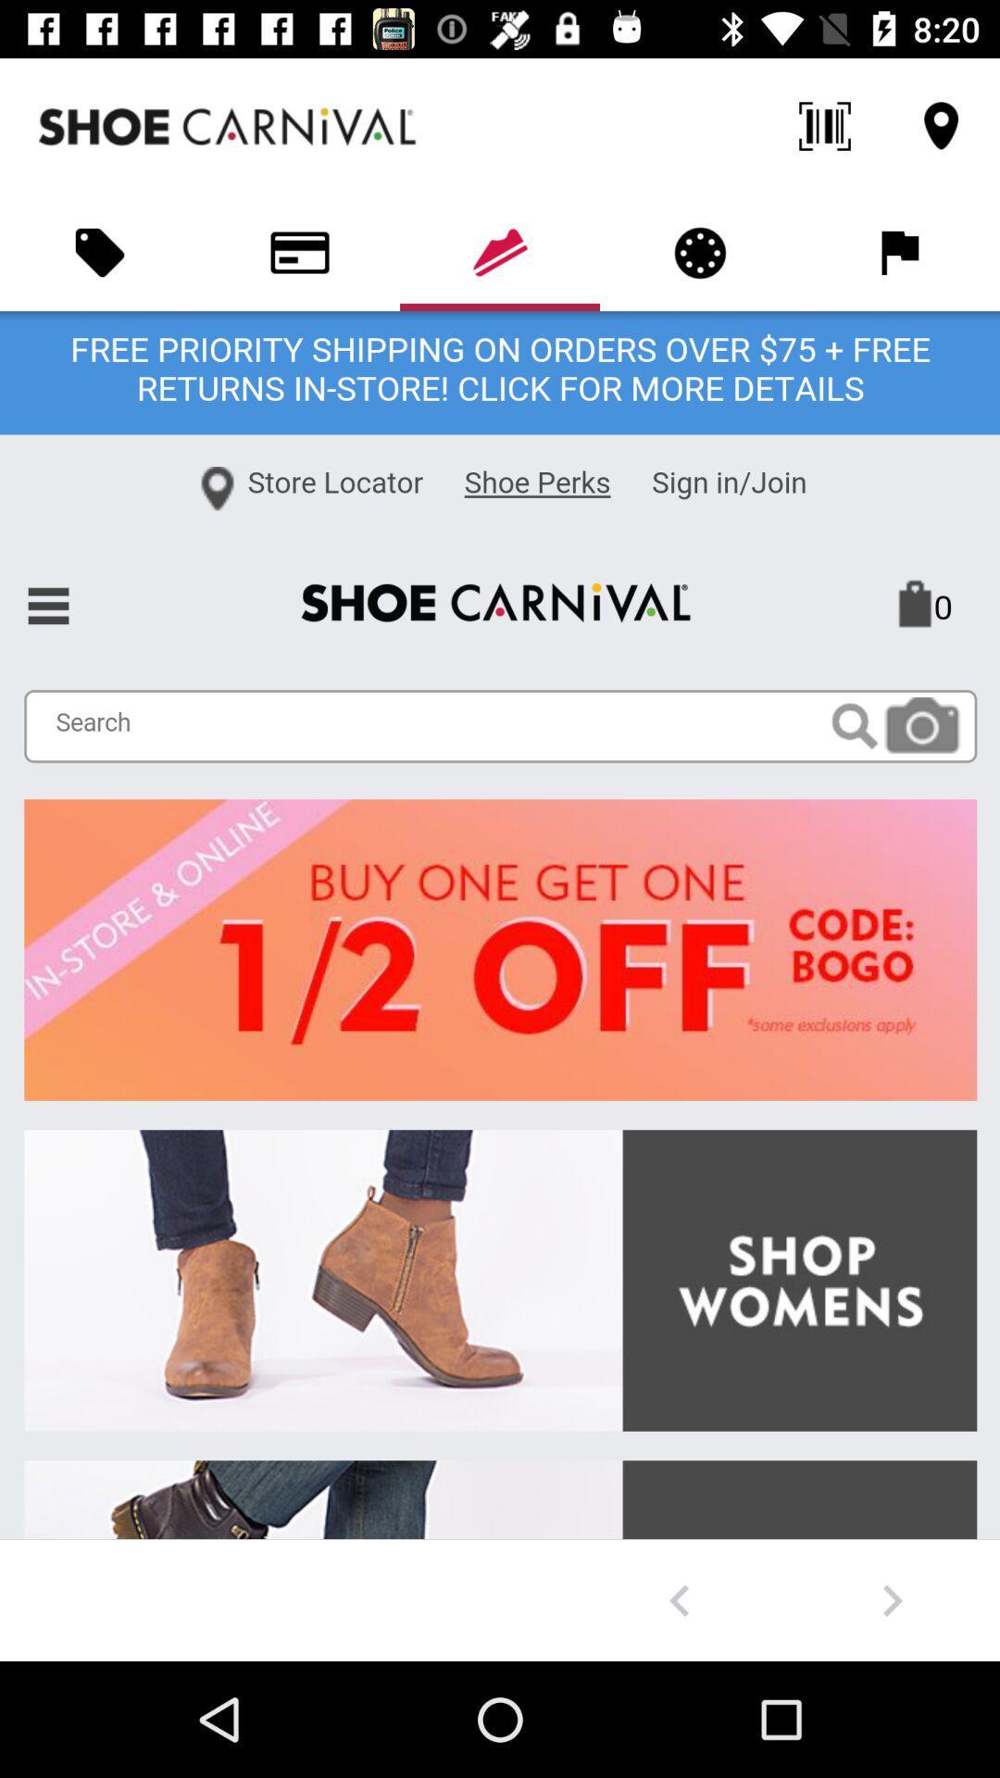  I want to click on more shoes, so click(892, 1599).